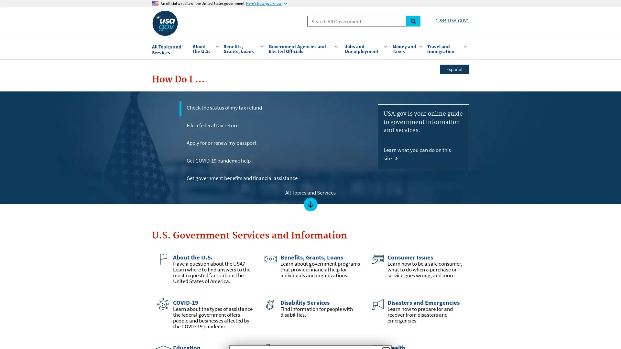  What do you see at coordinates (242, 48) in the screenshot?
I see `Benefits, Grants, Loans` at bounding box center [242, 48].